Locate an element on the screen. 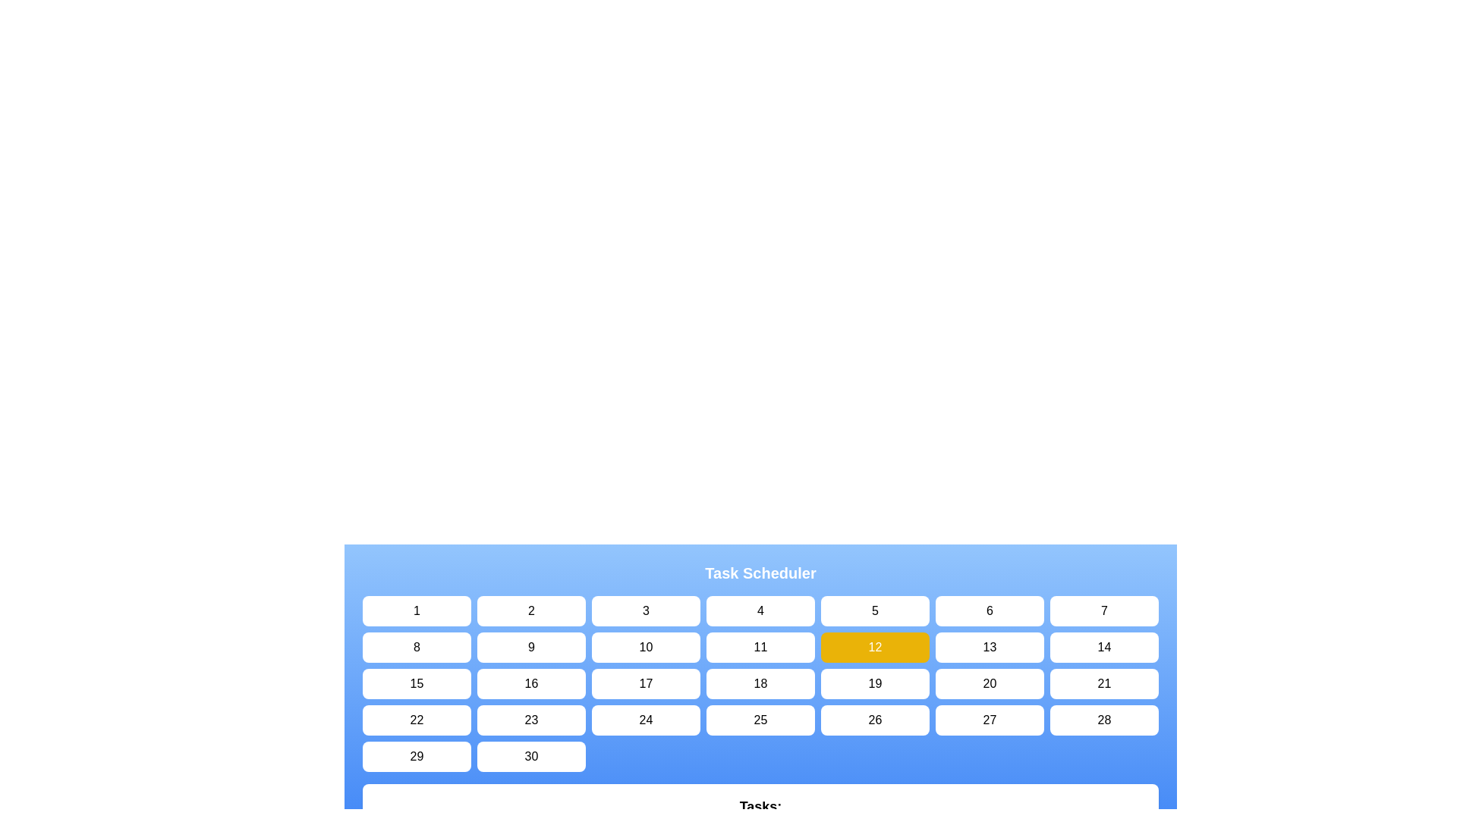 Image resolution: width=1457 pixels, height=819 pixels. the rectangular button with a white background and black text displaying '24' located in the fourth row and fourth column of the grid under the title 'Task Scheduler' is located at coordinates (646, 719).